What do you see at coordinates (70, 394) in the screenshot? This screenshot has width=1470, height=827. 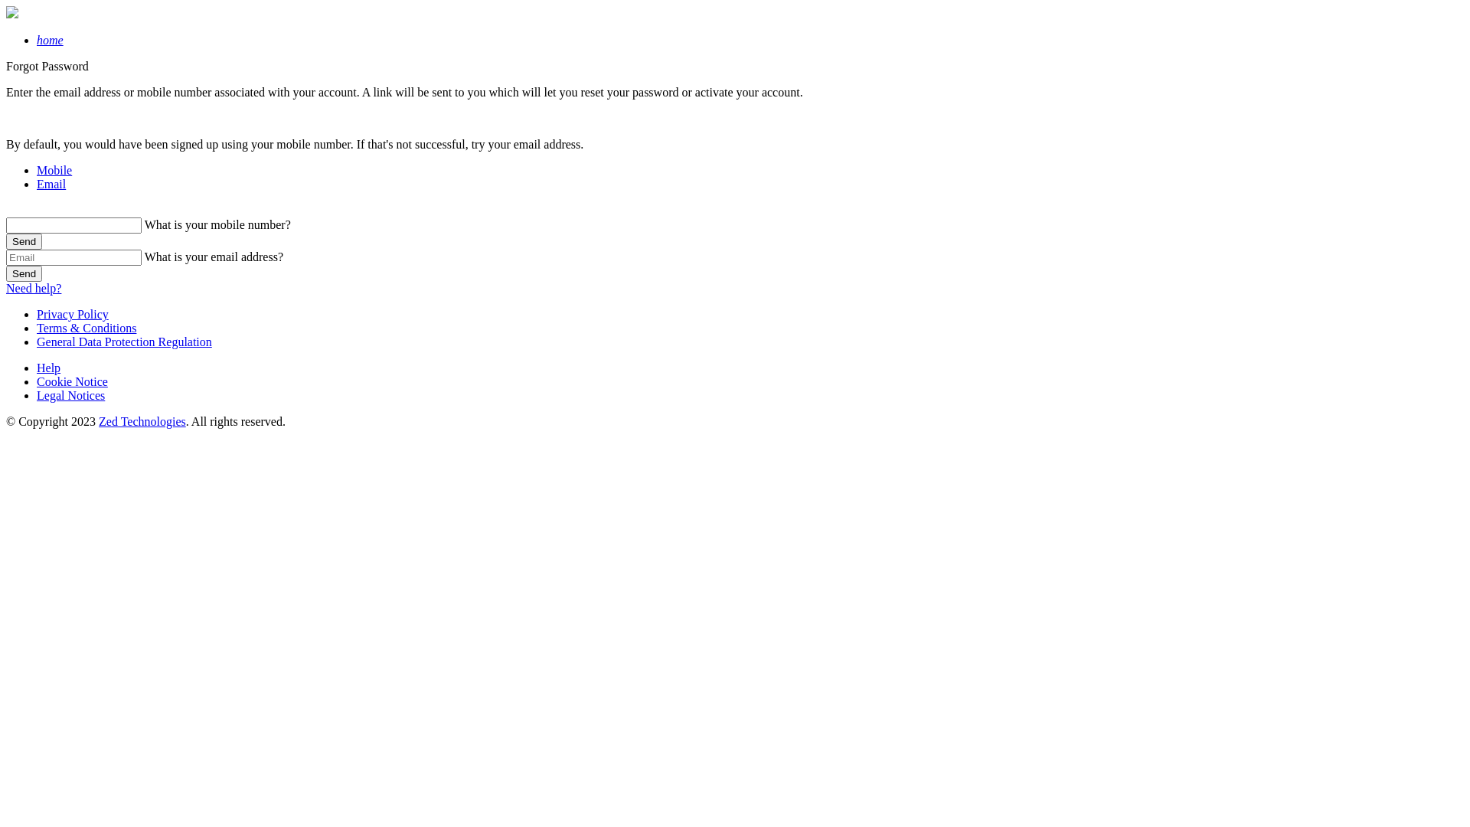 I see `'Legal Notices'` at bounding box center [70, 394].